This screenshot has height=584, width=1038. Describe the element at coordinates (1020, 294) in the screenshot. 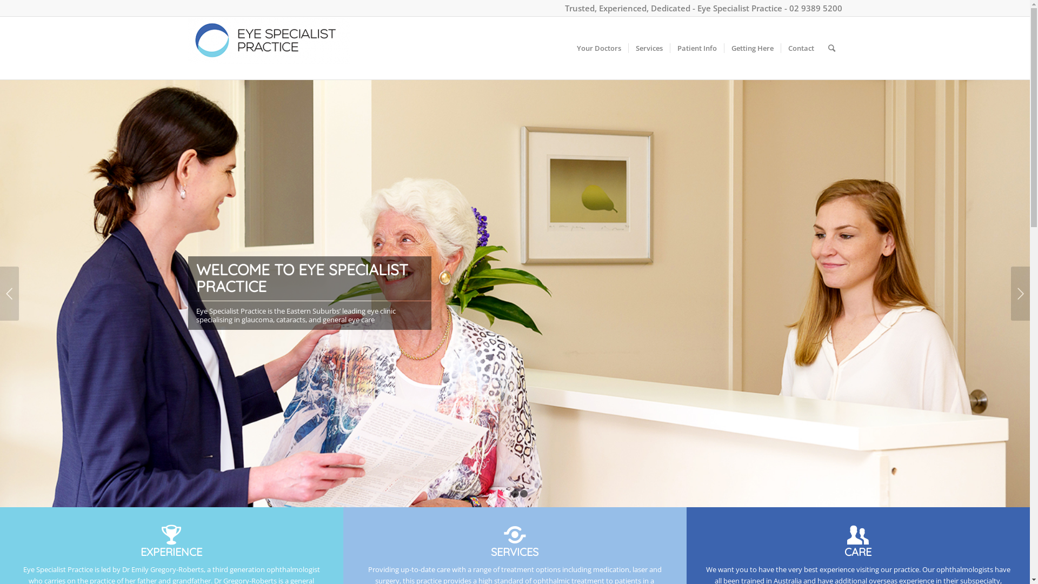

I see `'Next'` at that location.